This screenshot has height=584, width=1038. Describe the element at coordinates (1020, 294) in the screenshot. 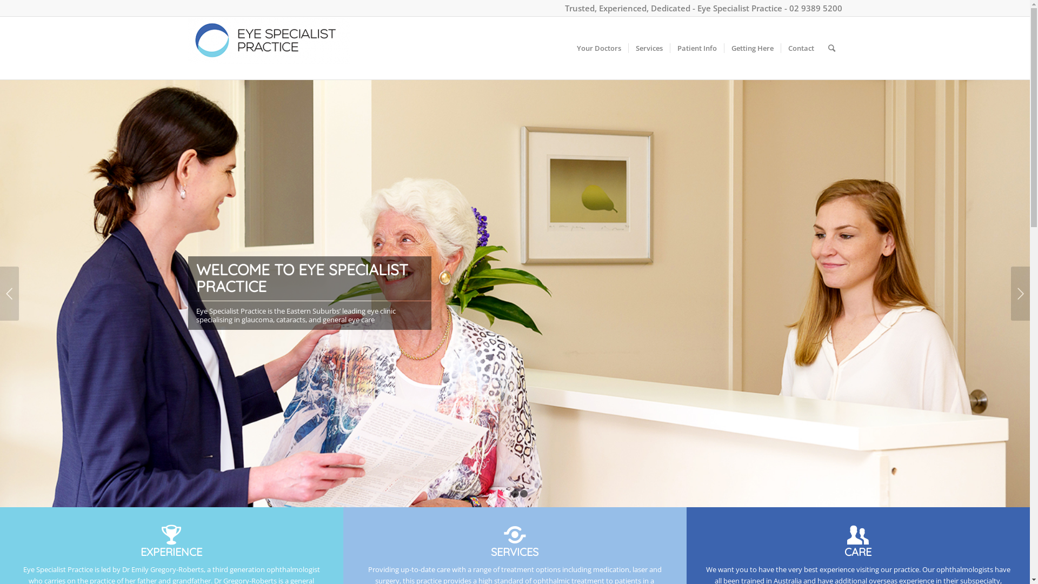

I see `'Next'` at that location.